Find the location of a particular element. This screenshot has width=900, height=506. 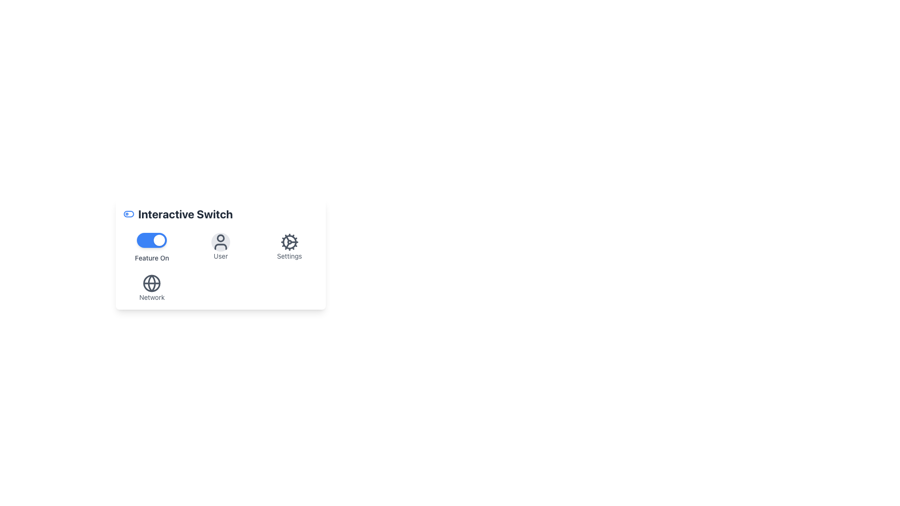

the 'Network' text label, which describes the network settings feature and is positioned below the globe icon in the bottom-left section of the interface is located at coordinates (152, 298).